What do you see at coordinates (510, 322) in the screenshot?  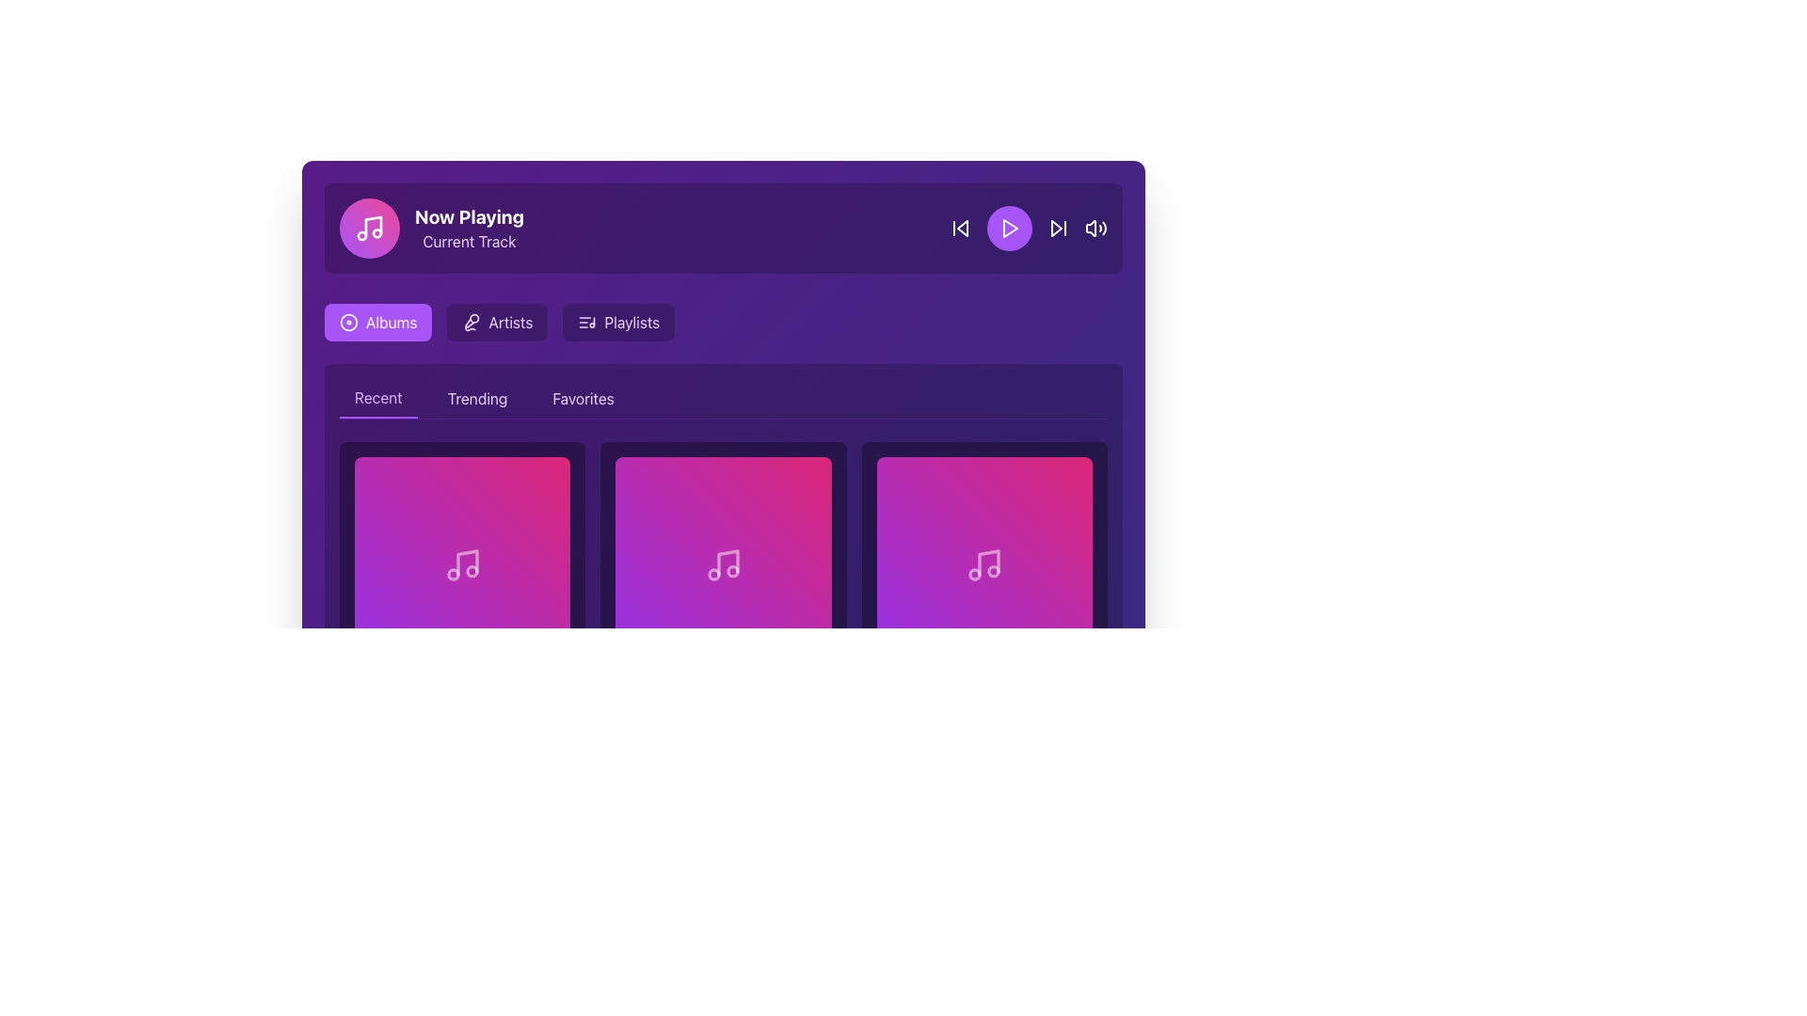 I see `the 'Artists' text label within the button group that has a purple background and is centrally positioned among 'Albums', 'Artists', and 'Playlists'` at bounding box center [510, 322].